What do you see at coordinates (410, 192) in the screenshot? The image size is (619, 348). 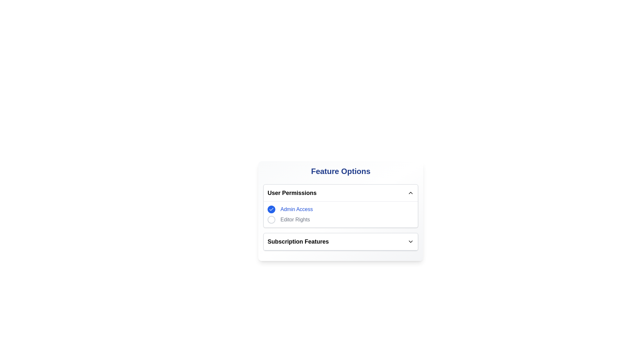 I see `the upward-pointing chevron icon used as a toggle for the 'User Permissions' section` at bounding box center [410, 192].